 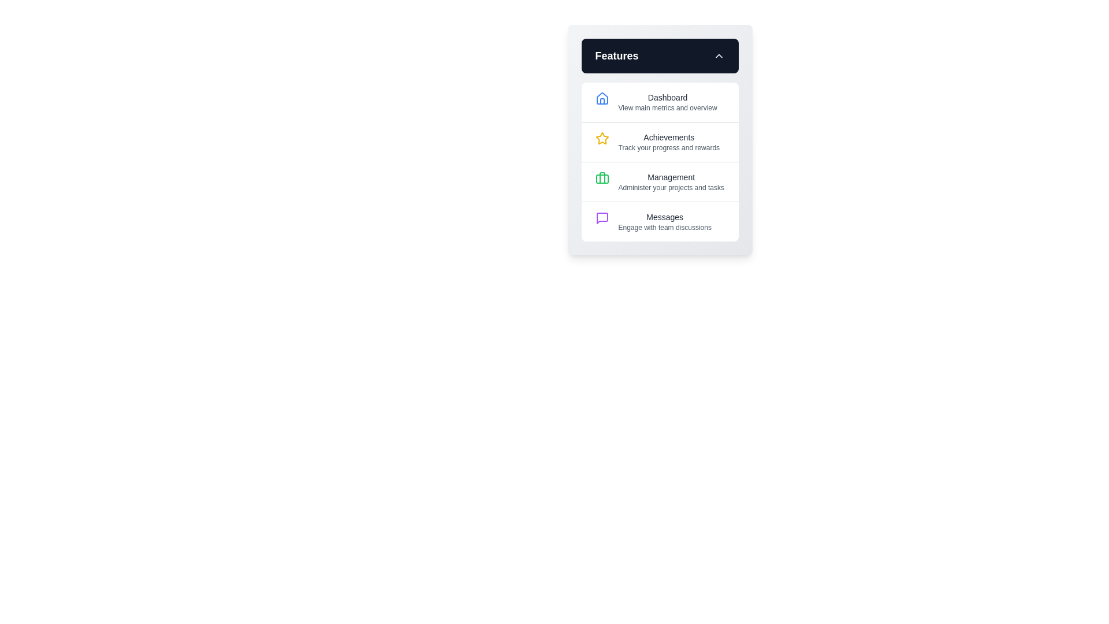 What do you see at coordinates (668, 107) in the screenshot?
I see `the descriptive text label displaying 'View main metrics and overview' located beneath the 'Dashboard' title in the 'Features' section` at bounding box center [668, 107].